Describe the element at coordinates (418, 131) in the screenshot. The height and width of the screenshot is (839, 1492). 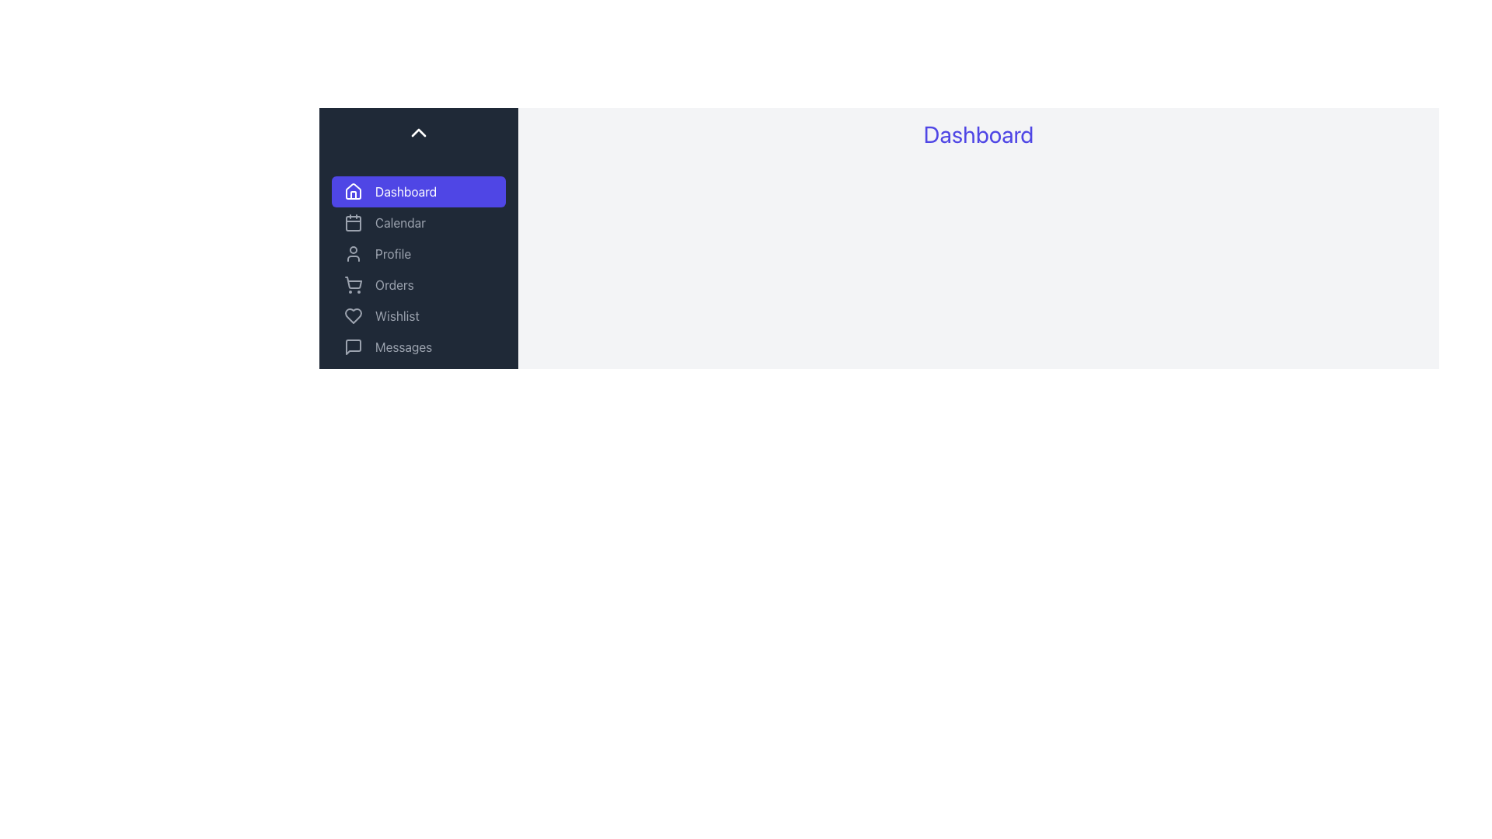
I see `the navigation icon located near the top of the sidebar panel` at that location.